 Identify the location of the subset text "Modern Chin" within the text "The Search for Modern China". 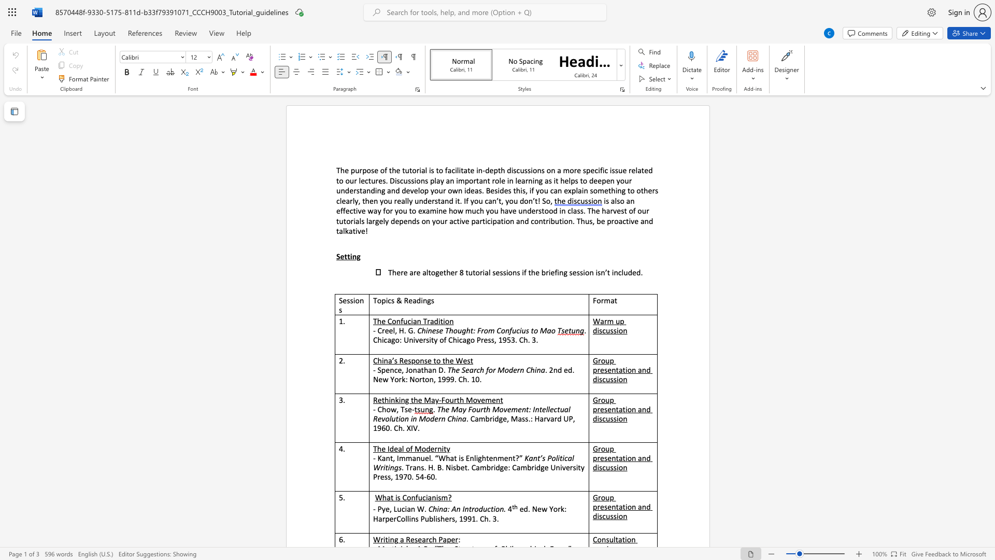
(497, 369).